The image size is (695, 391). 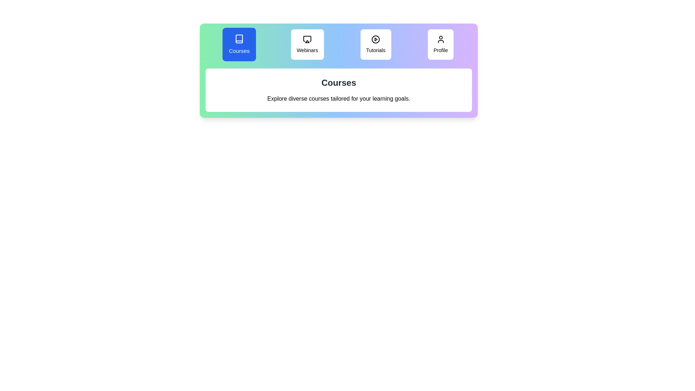 I want to click on the tab corresponding to Profile to display its content, so click(x=440, y=45).